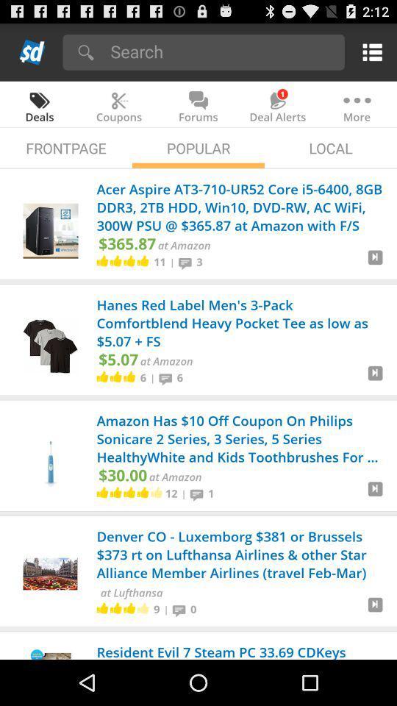 The image size is (397, 706). What do you see at coordinates (375, 378) in the screenshot?
I see `next page` at bounding box center [375, 378].